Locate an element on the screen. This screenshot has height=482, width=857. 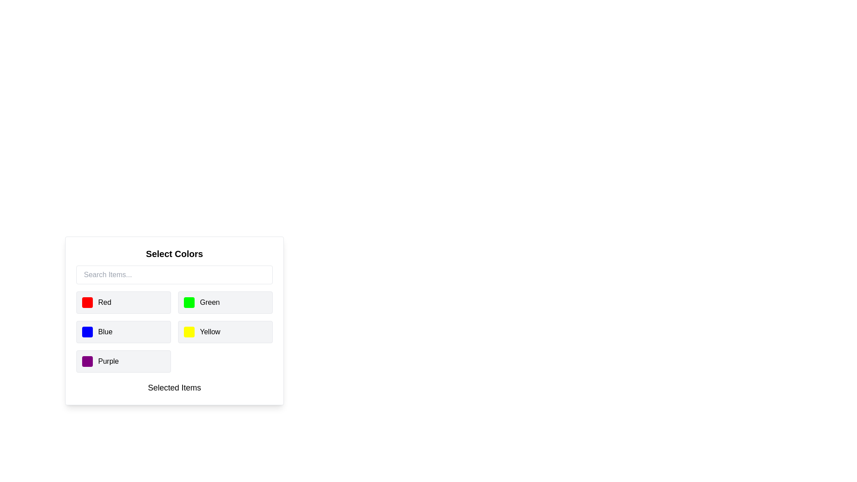
the blue color option label with an icon located in the second row, first column of the color grid under the 'Select Colors' header is located at coordinates (97, 332).